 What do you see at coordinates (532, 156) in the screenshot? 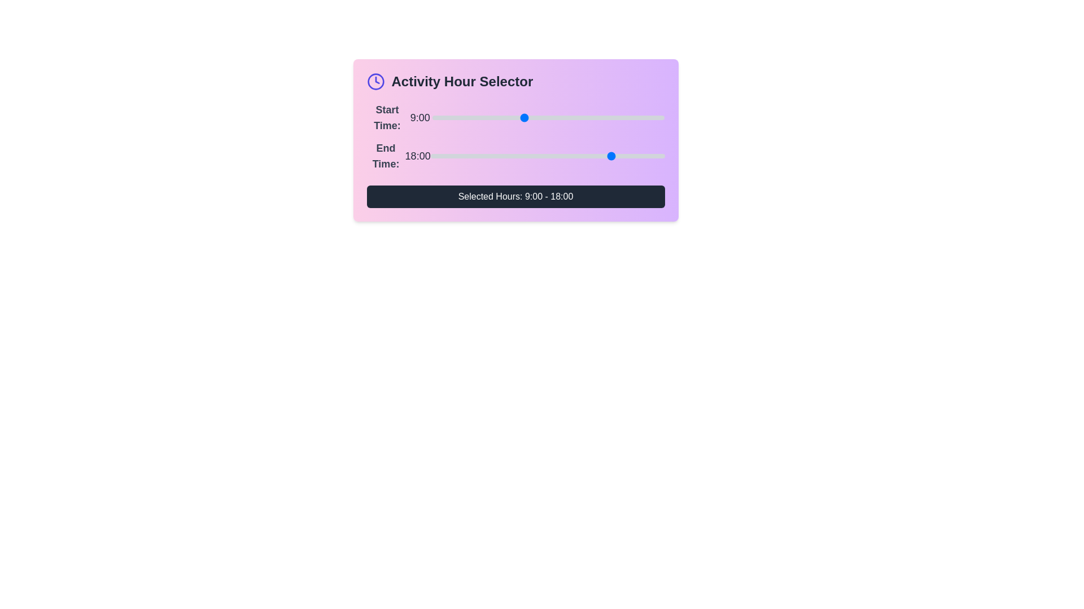
I see `the end time slider to set the hour to 10` at bounding box center [532, 156].